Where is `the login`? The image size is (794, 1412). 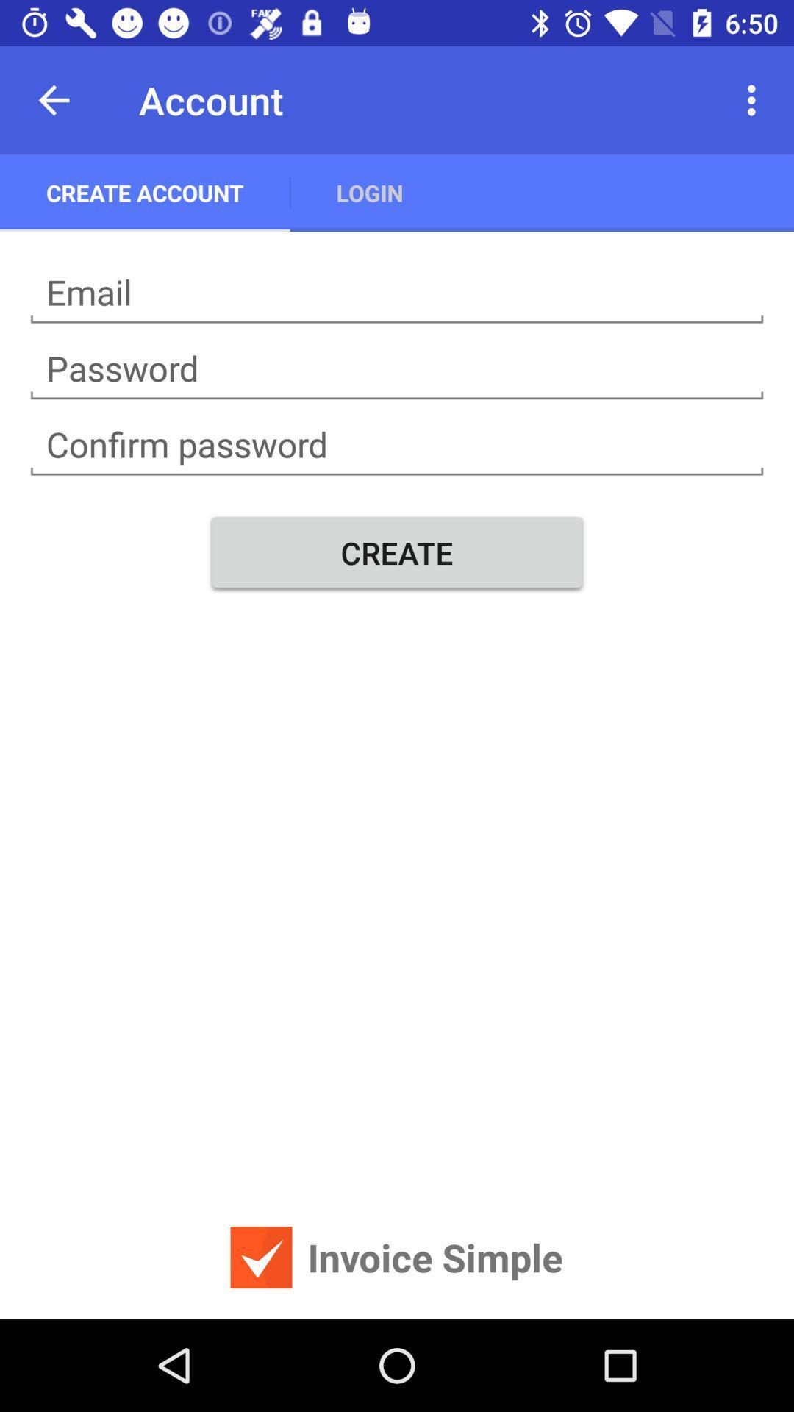 the login is located at coordinates (369, 192).